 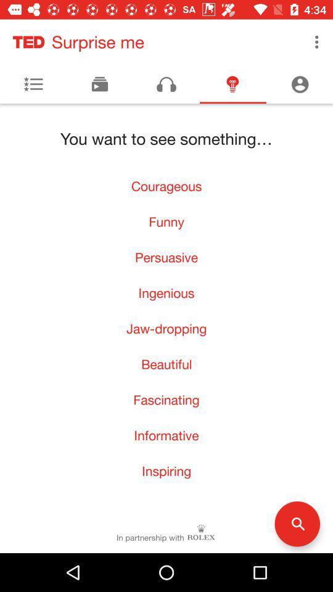 What do you see at coordinates (166, 257) in the screenshot?
I see `the item above the ingenious item` at bounding box center [166, 257].